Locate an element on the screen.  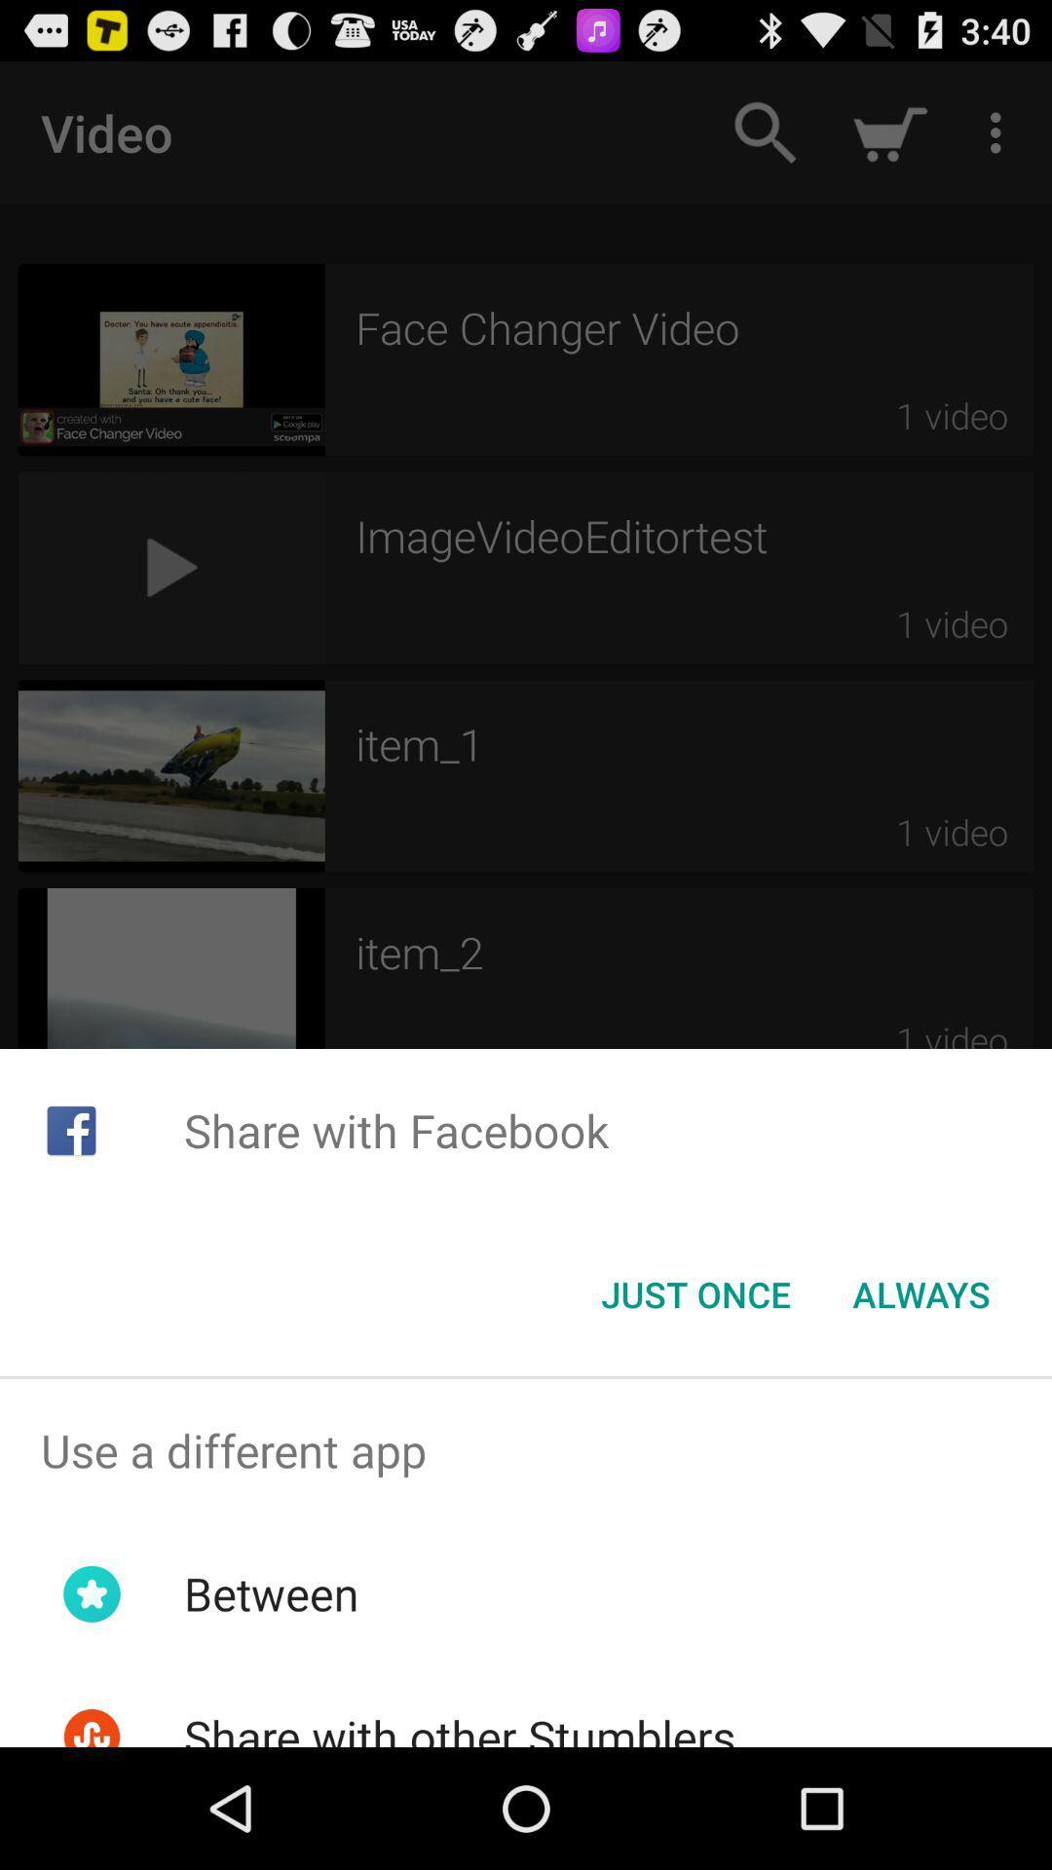
icon next to always item is located at coordinates (695, 1294).